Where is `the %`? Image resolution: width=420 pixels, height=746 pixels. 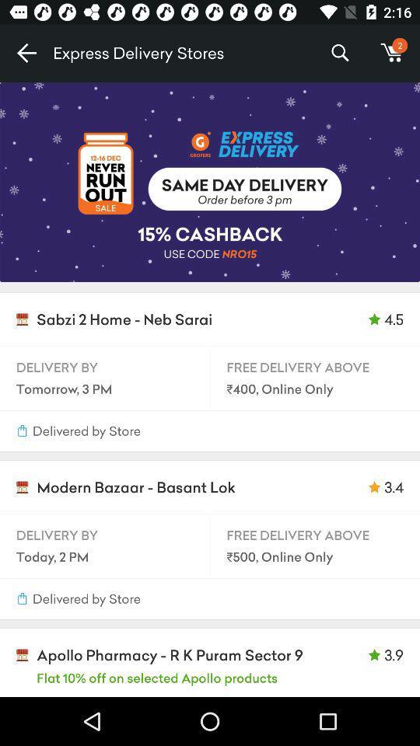
the % is located at coordinates (339, 53).